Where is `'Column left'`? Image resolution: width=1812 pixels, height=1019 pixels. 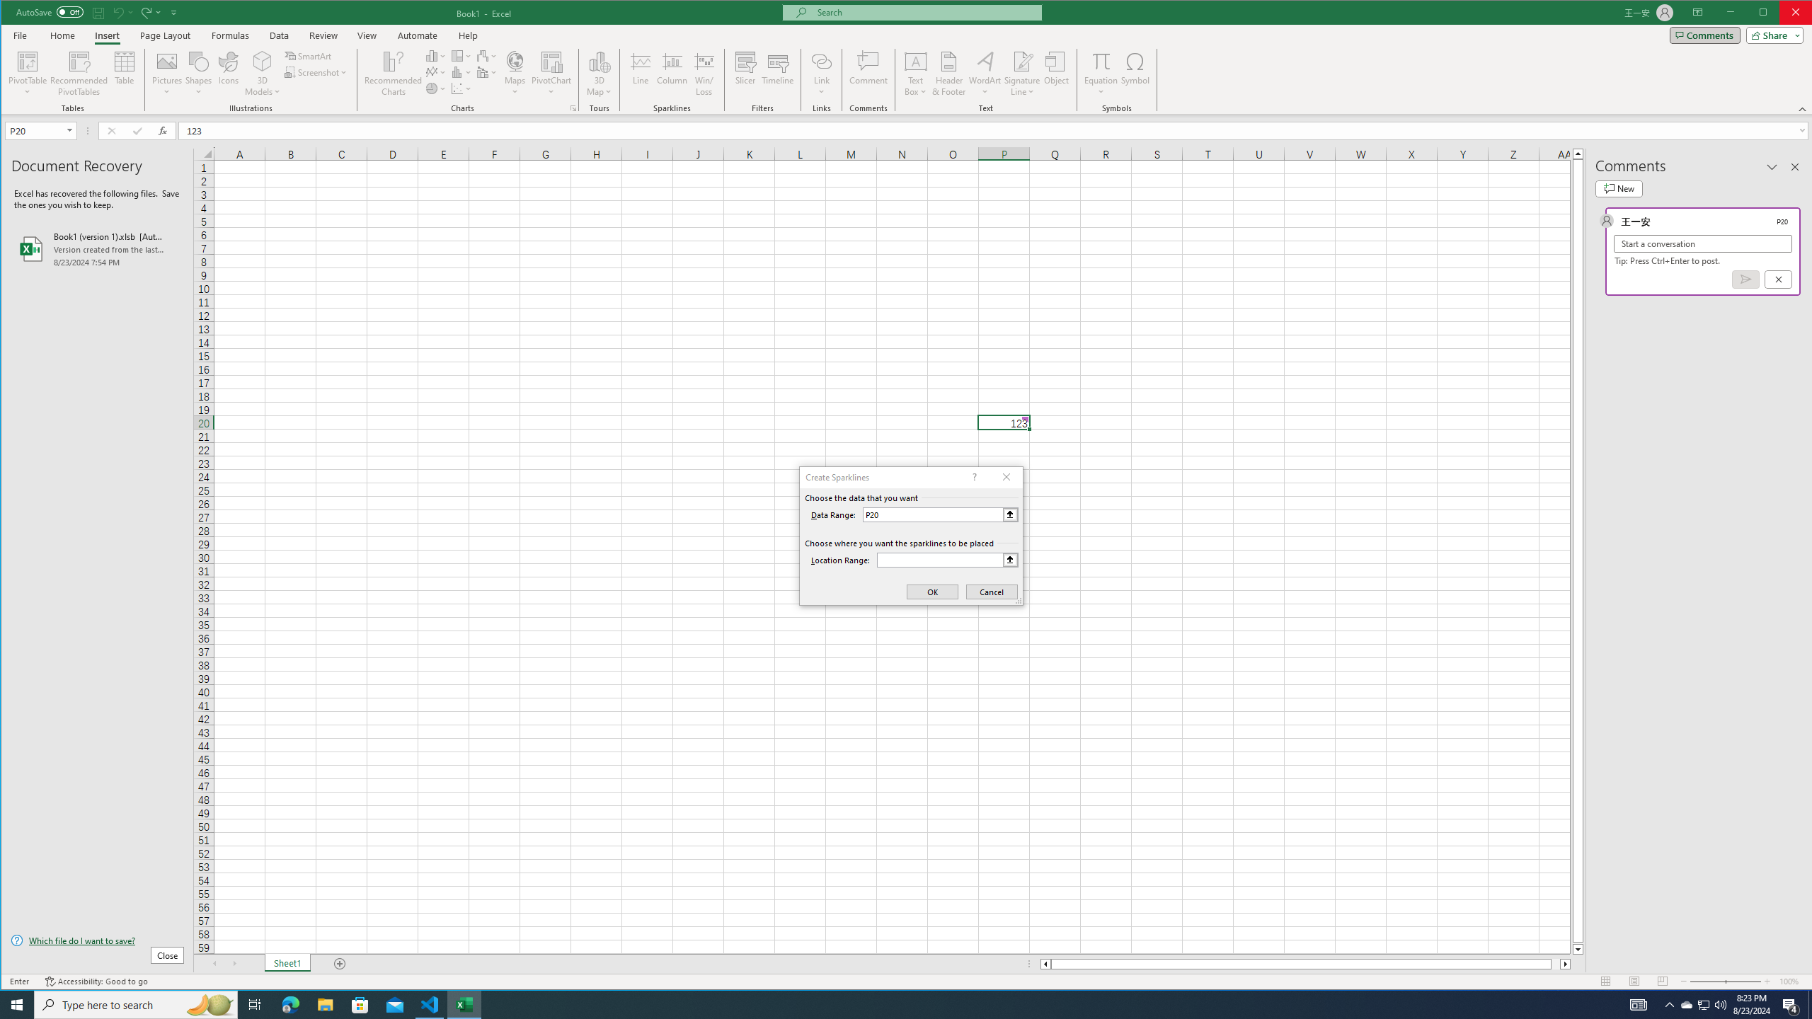
'Column left' is located at coordinates (1044, 964).